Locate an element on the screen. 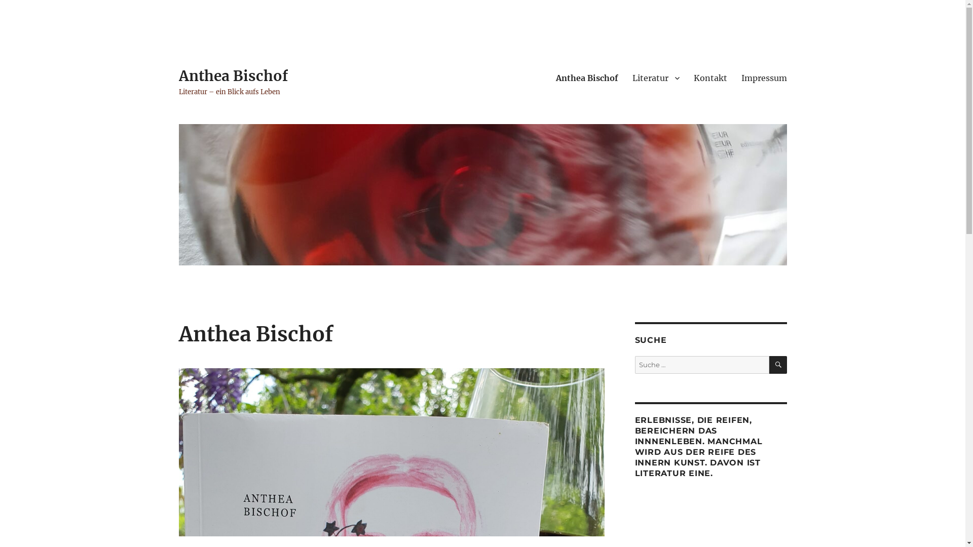  'Anthea Bischof' is located at coordinates (586, 77).